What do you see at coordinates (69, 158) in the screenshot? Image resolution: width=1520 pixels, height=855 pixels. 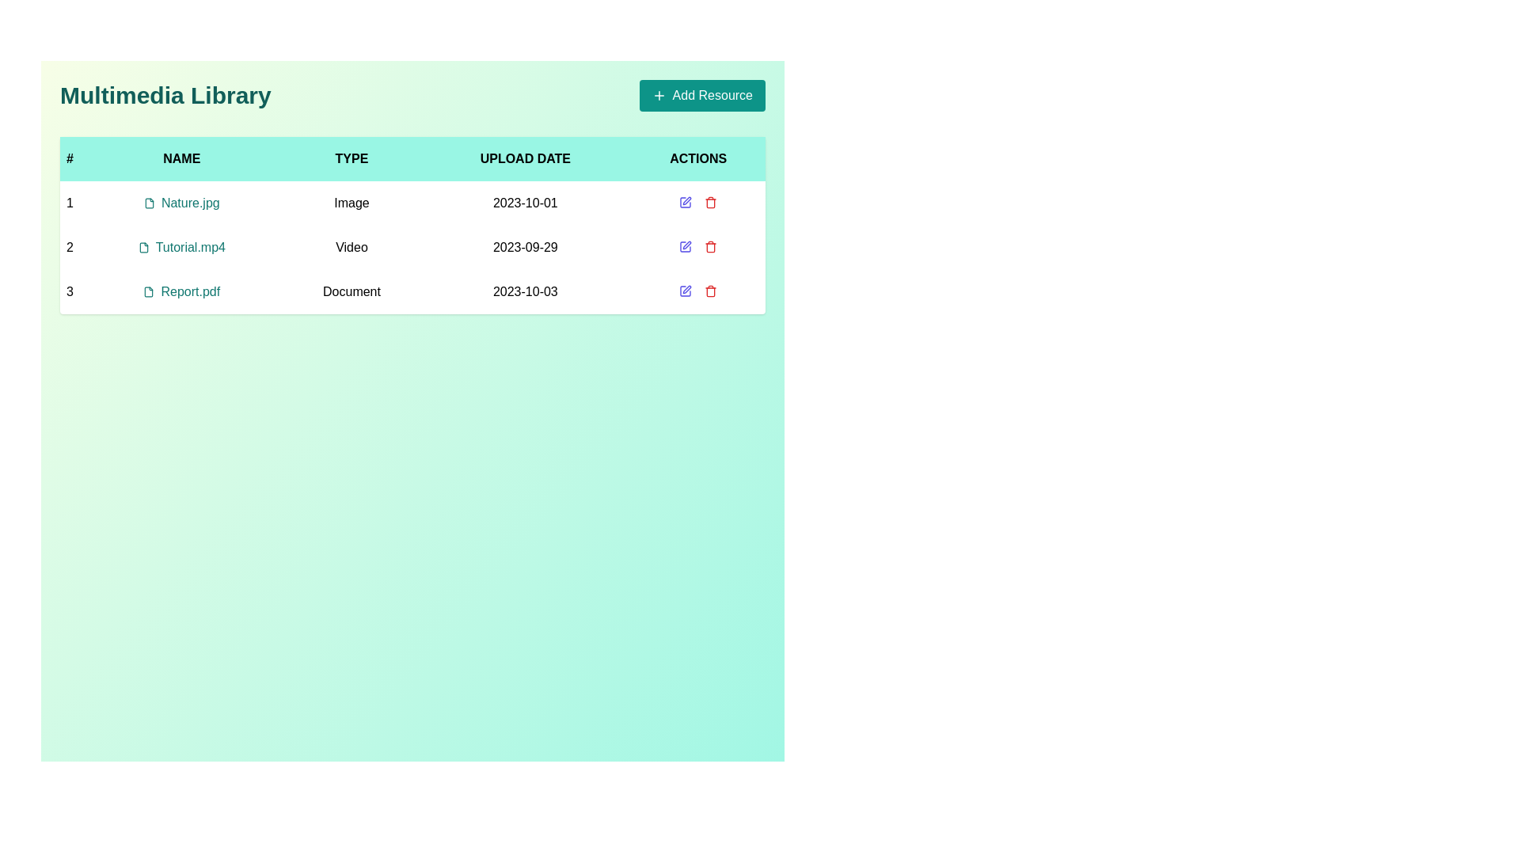 I see `the text label indicating the numbering column header in the table` at bounding box center [69, 158].